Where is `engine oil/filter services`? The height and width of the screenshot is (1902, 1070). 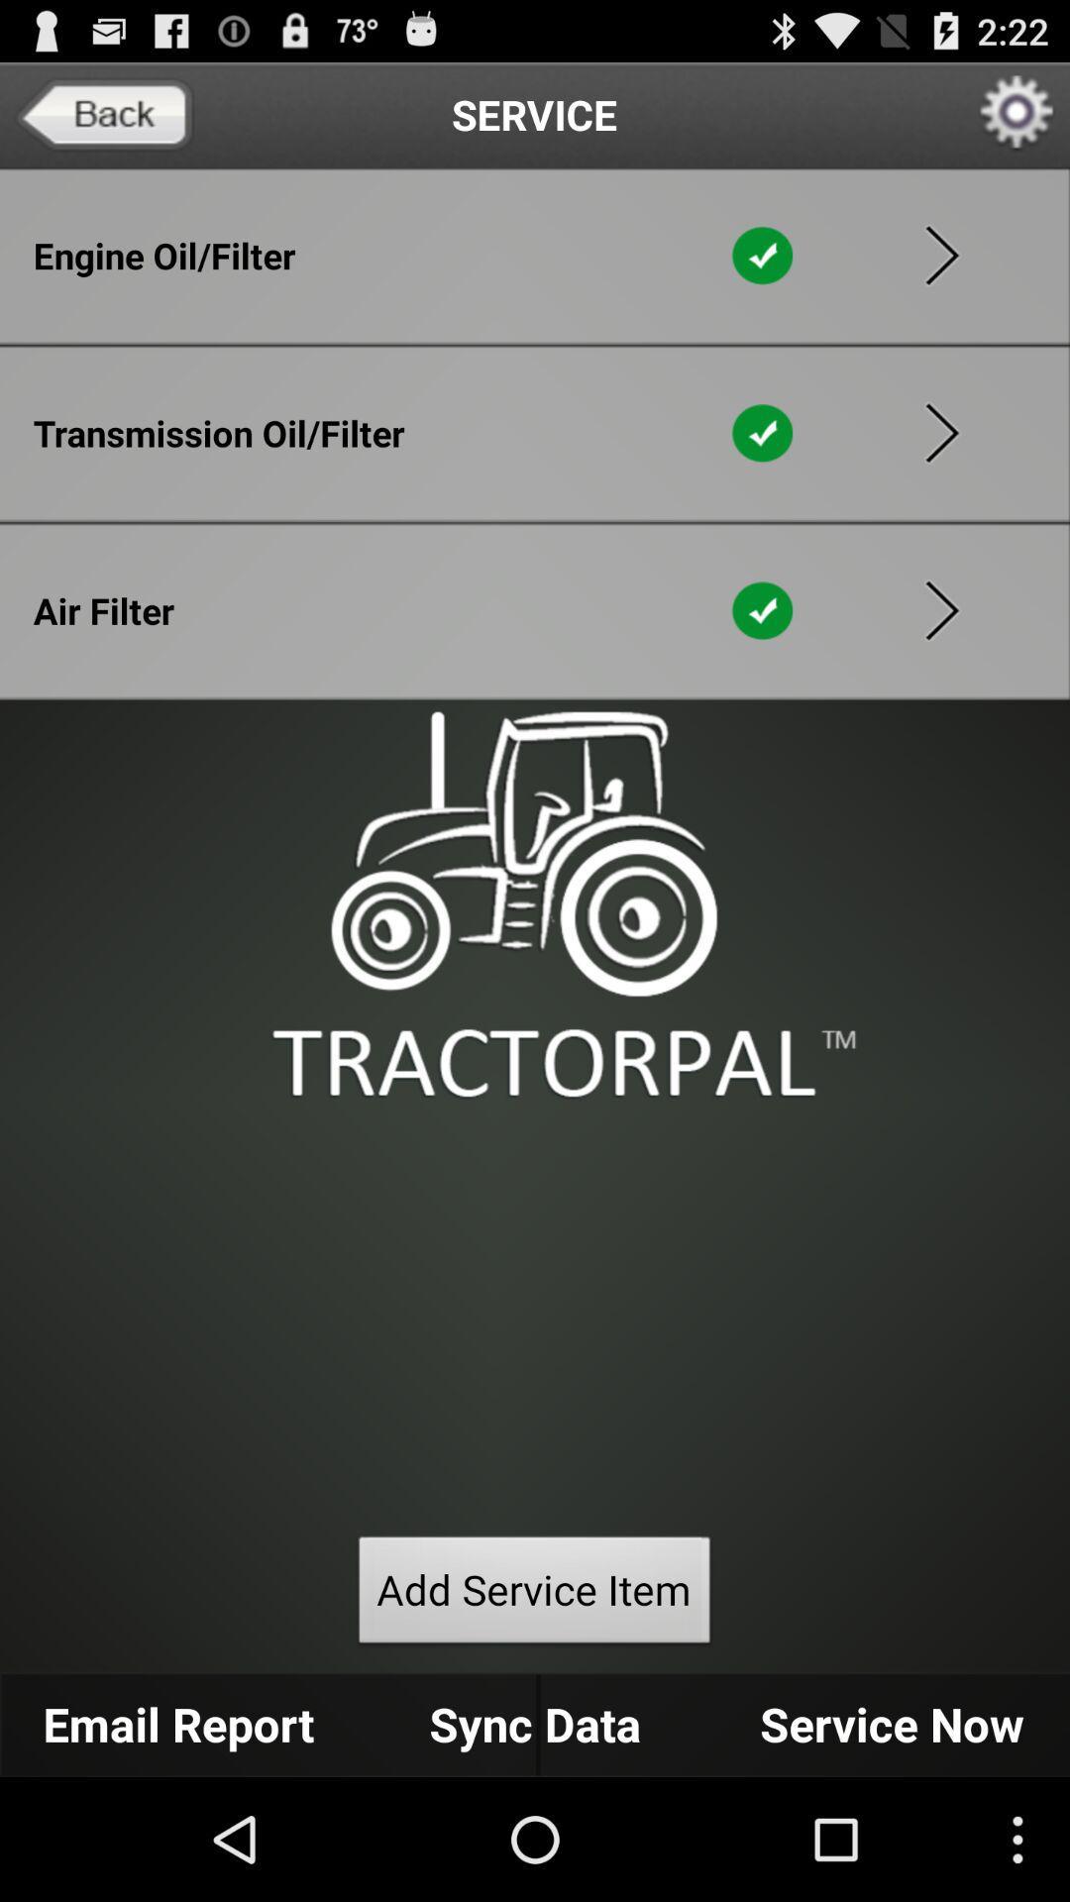
engine oil/filter services is located at coordinates (941, 255).